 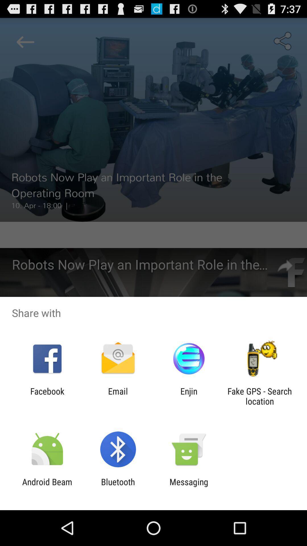 I want to click on the item next to bluetooth app, so click(x=189, y=487).